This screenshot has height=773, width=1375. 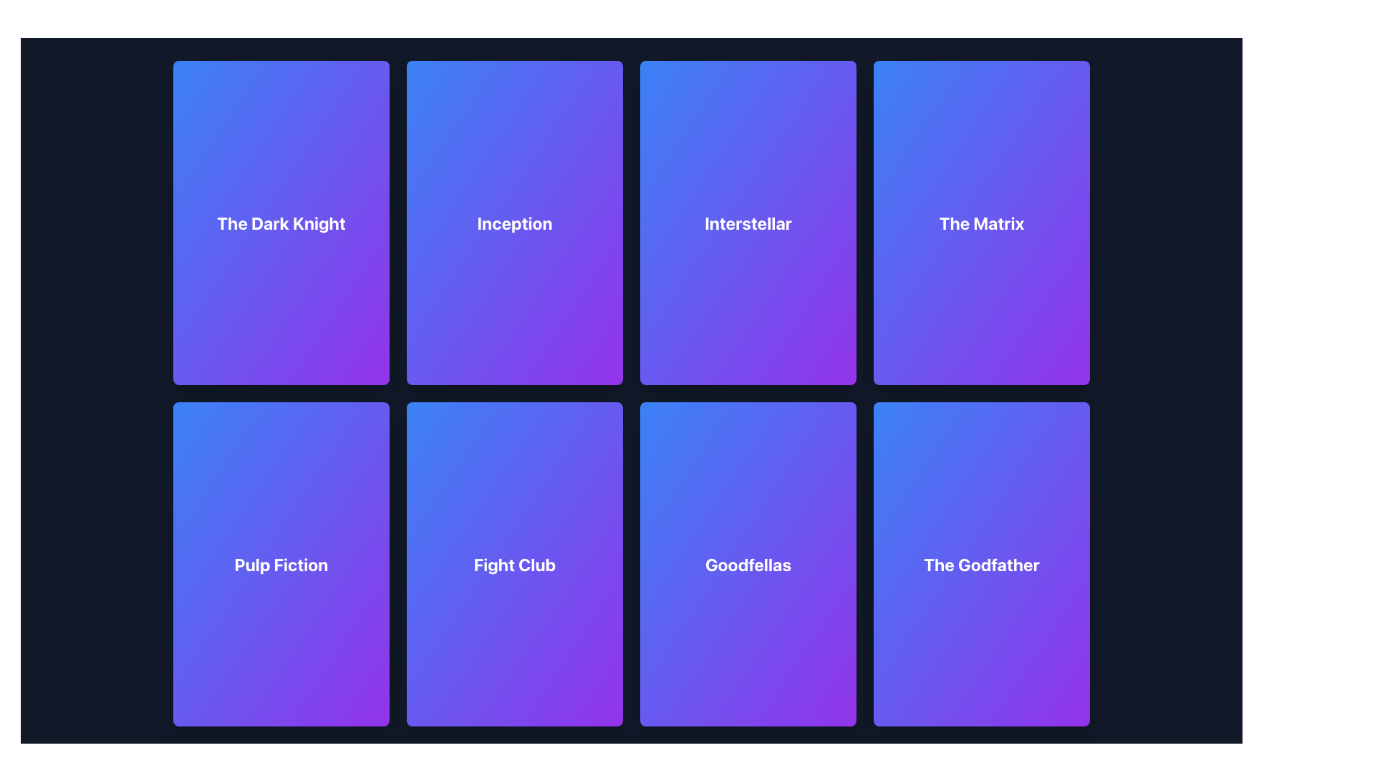 I want to click on the first card representing the movie 'The Dark Knight' in the grid layout to trigger a visual effect, so click(x=281, y=223).